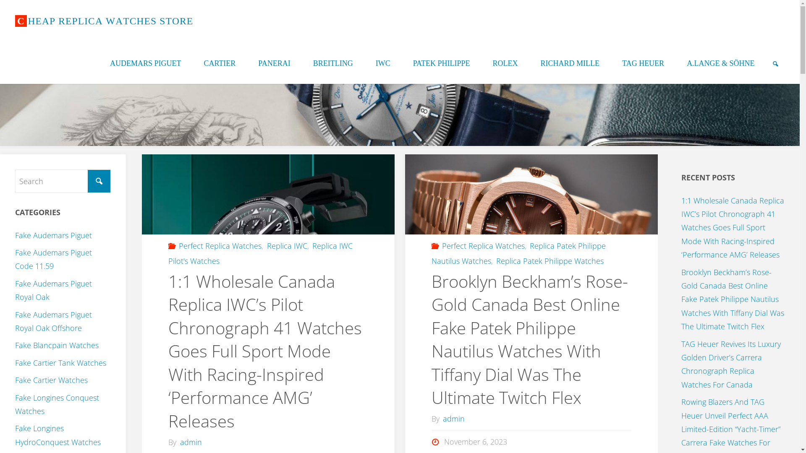  What do you see at coordinates (104, 21) in the screenshot?
I see `'CHEAP REPLICA WATCHES STORE'` at bounding box center [104, 21].